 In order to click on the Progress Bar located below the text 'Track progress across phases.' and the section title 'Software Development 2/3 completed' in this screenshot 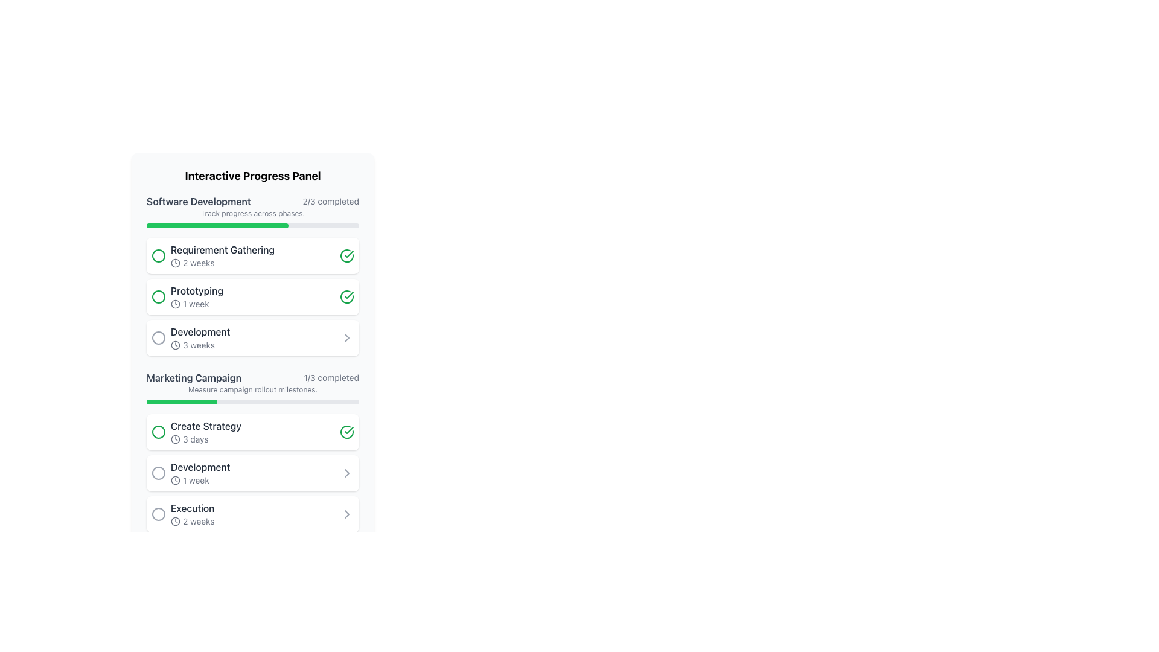, I will do `click(252, 226)`.